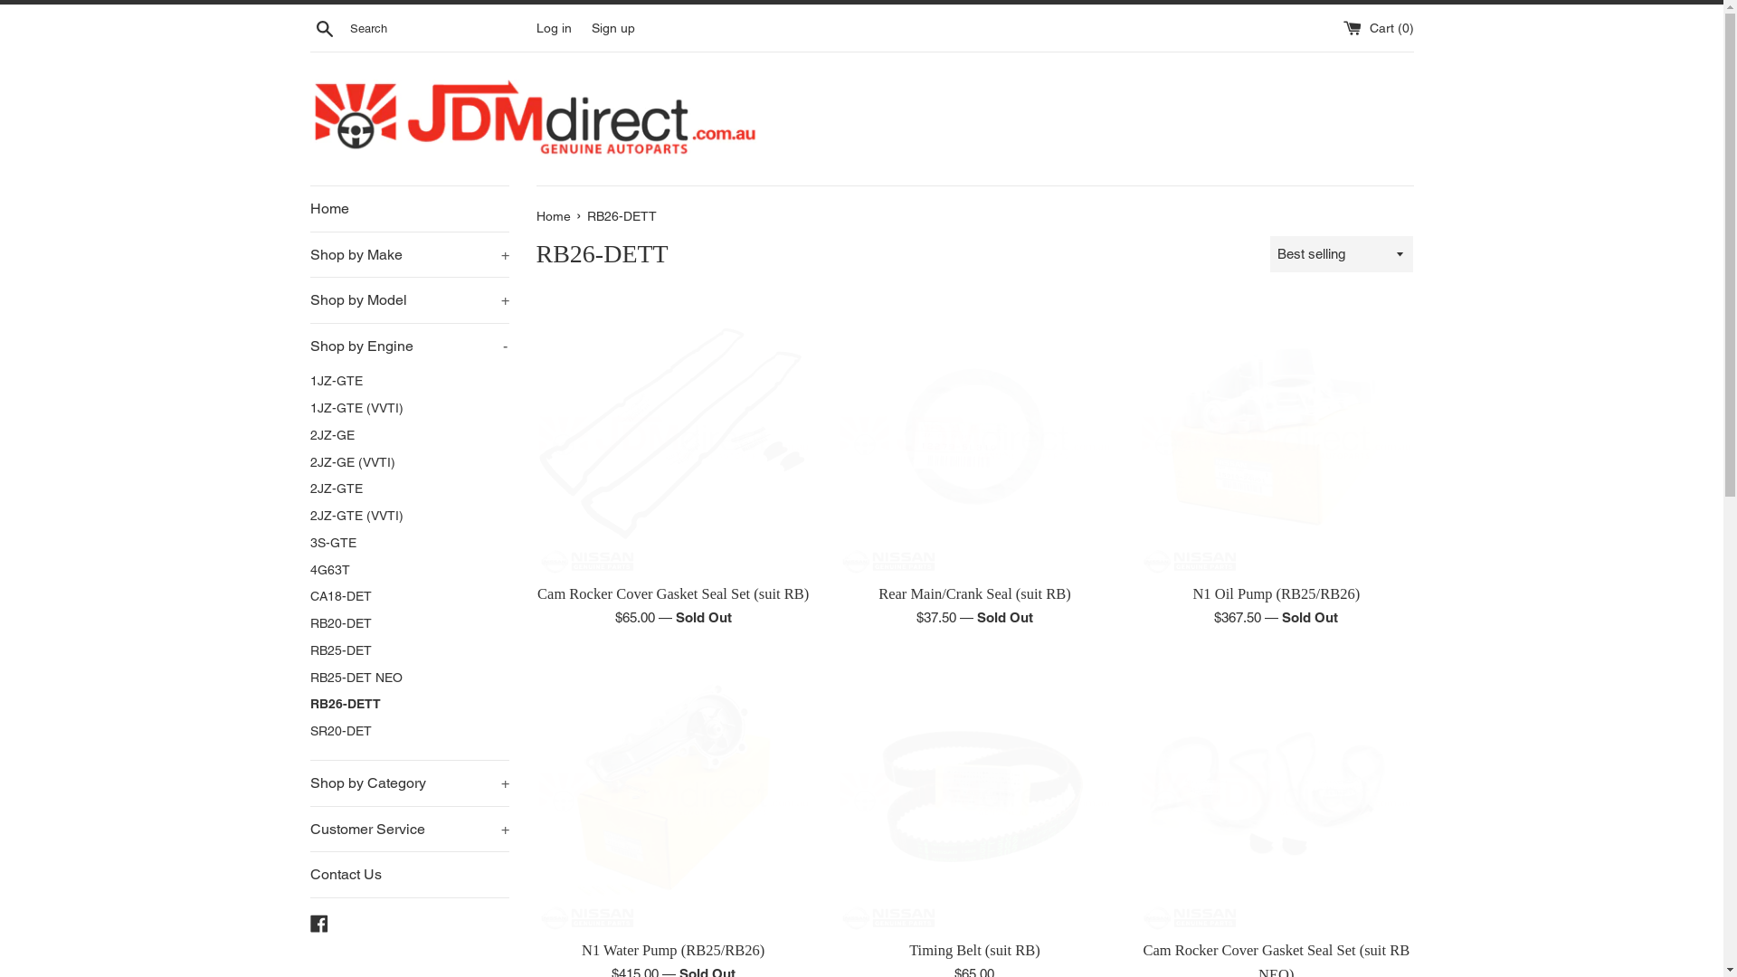 The image size is (1737, 977). Describe the element at coordinates (407, 488) in the screenshot. I see `'2JZ-GTE'` at that location.